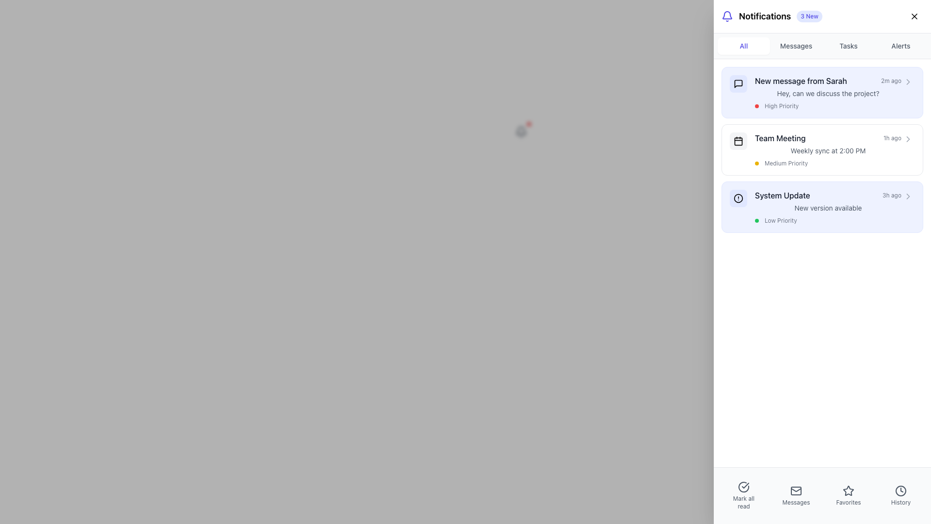 This screenshot has height=524, width=931. I want to click on the icon representing a message or communication located in the top-left corner of the notification titled 'New message from Sarah', so click(738, 83).